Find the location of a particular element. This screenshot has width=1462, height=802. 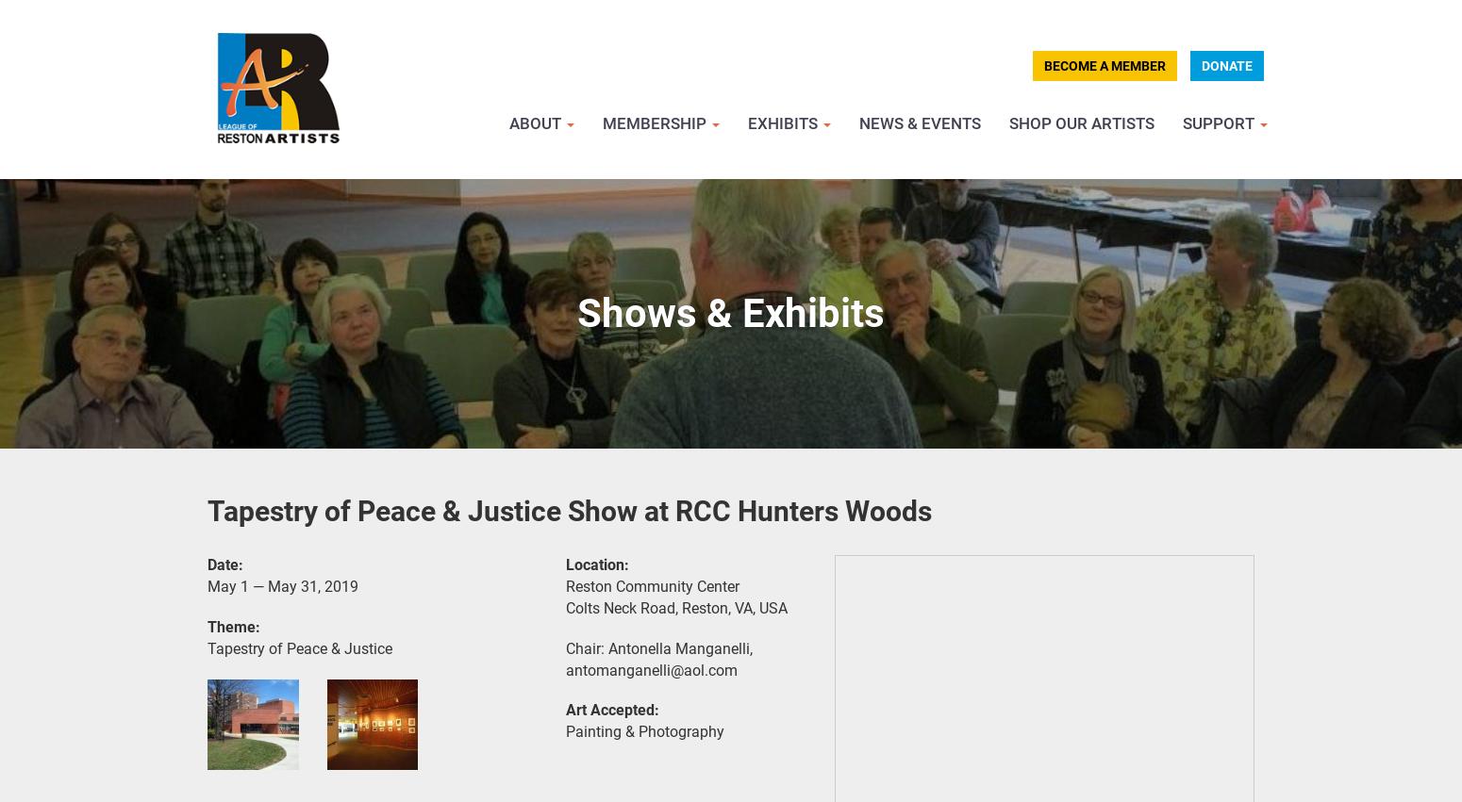

'Exhibits' is located at coordinates (784, 123).